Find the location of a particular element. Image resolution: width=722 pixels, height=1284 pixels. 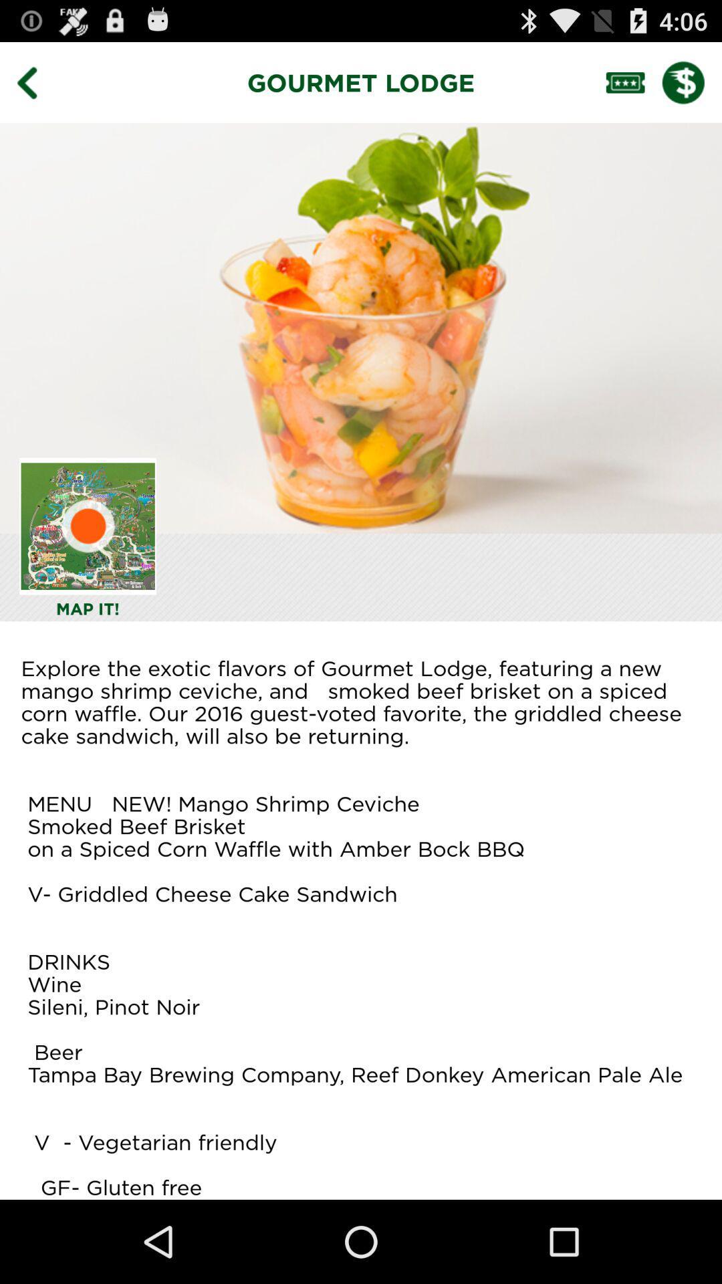

icon to the left of gourmet lodge item is located at coordinates (36, 82).